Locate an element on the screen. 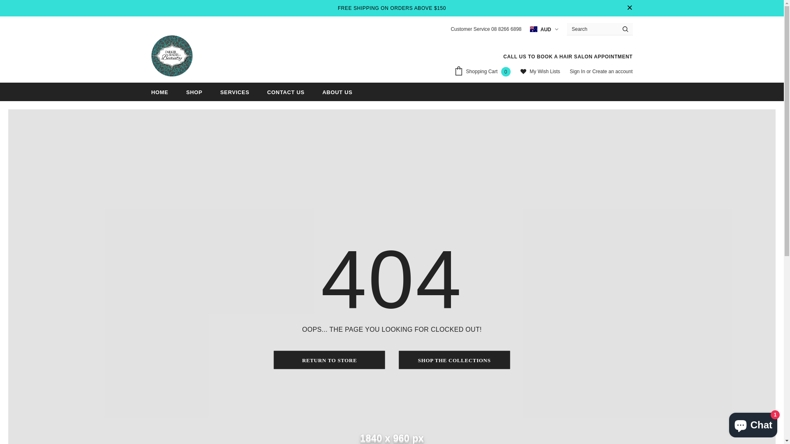 Image resolution: width=790 pixels, height=444 pixels. 'Shopping Cart 0' is located at coordinates (484, 72).